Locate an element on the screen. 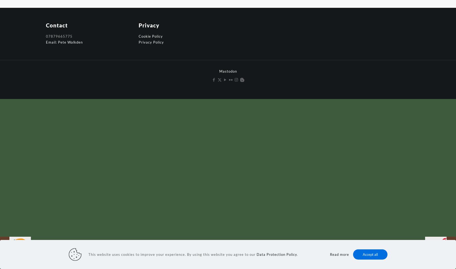  'Privacy' is located at coordinates (148, 25).